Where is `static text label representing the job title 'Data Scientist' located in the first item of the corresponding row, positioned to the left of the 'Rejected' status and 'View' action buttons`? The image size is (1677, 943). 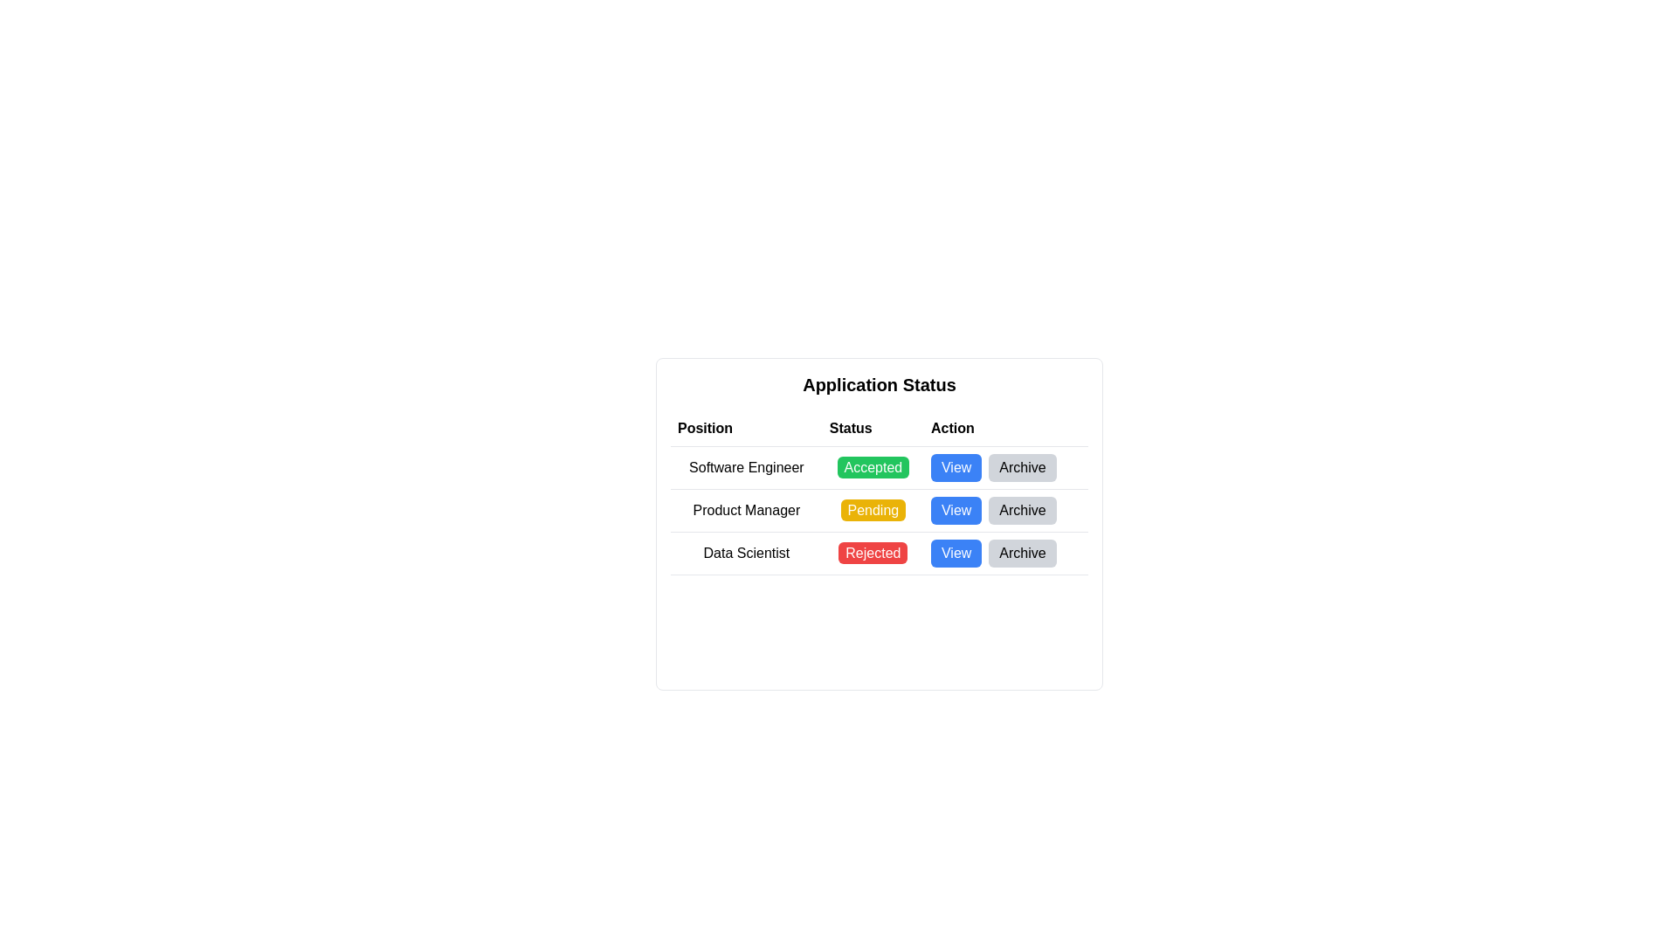 static text label representing the job title 'Data Scientist' located in the first item of the corresponding row, positioned to the left of the 'Rejected' status and 'View' action buttons is located at coordinates (746, 553).